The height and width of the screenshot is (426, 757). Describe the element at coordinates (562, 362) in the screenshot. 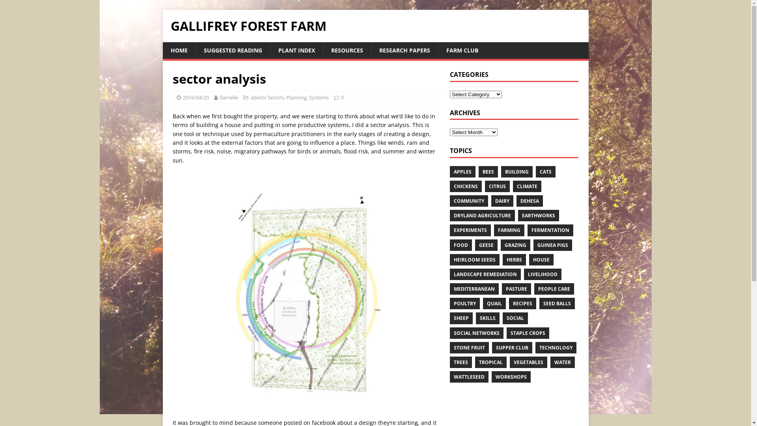

I see `'WATER'` at that location.